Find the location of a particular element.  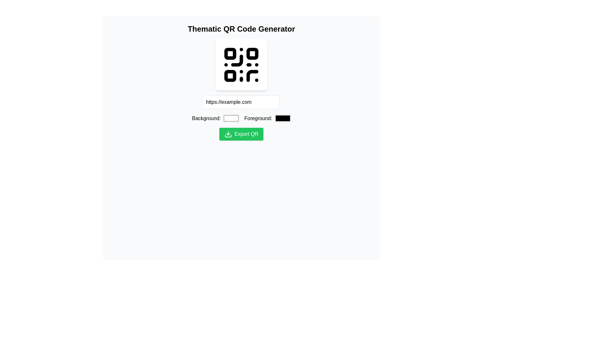

the download icon that is part of the 'Export QR' button, which is a minimalistic white icon on a green background is located at coordinates (228, 134).